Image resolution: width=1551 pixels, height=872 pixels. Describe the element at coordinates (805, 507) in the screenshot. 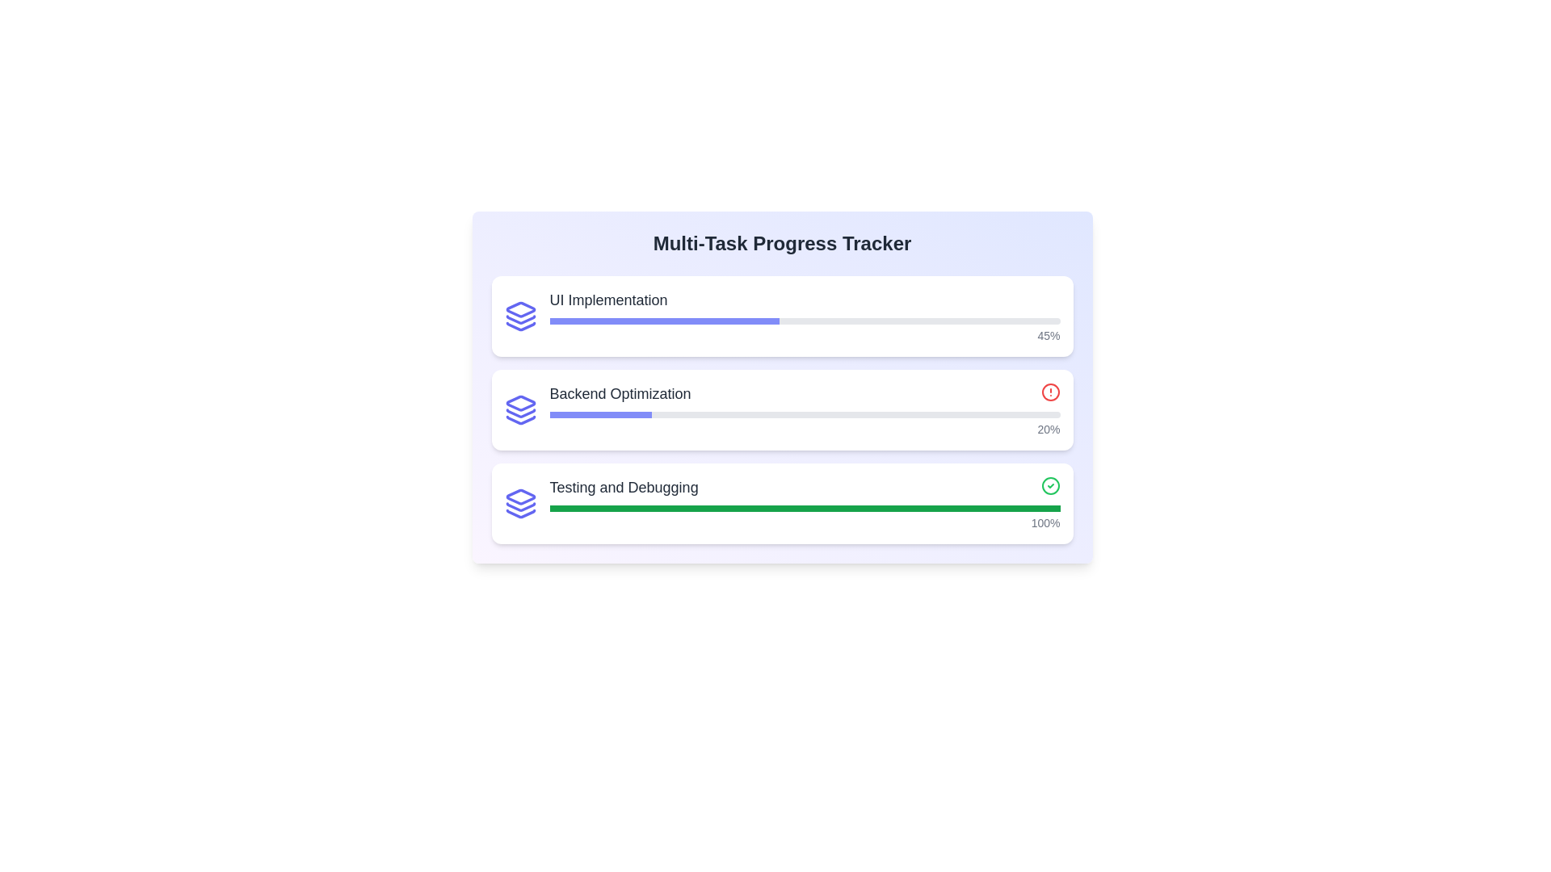

I see `the horizontal progress bar styled with a light gray background and rounded edges, indicating 100% completion, located in the 'Testing and Debugging' section` at that location.